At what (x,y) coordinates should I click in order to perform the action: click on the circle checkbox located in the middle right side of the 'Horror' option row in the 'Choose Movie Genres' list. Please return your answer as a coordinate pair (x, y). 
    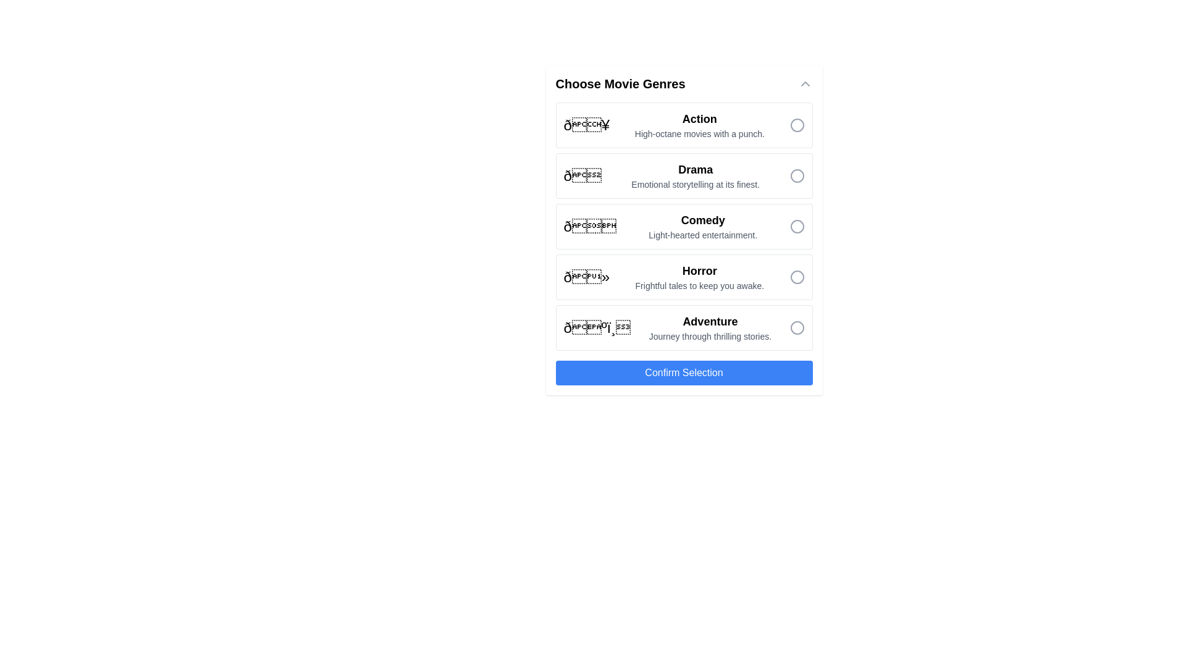
    Looking at the image, I should click on (797, 276).